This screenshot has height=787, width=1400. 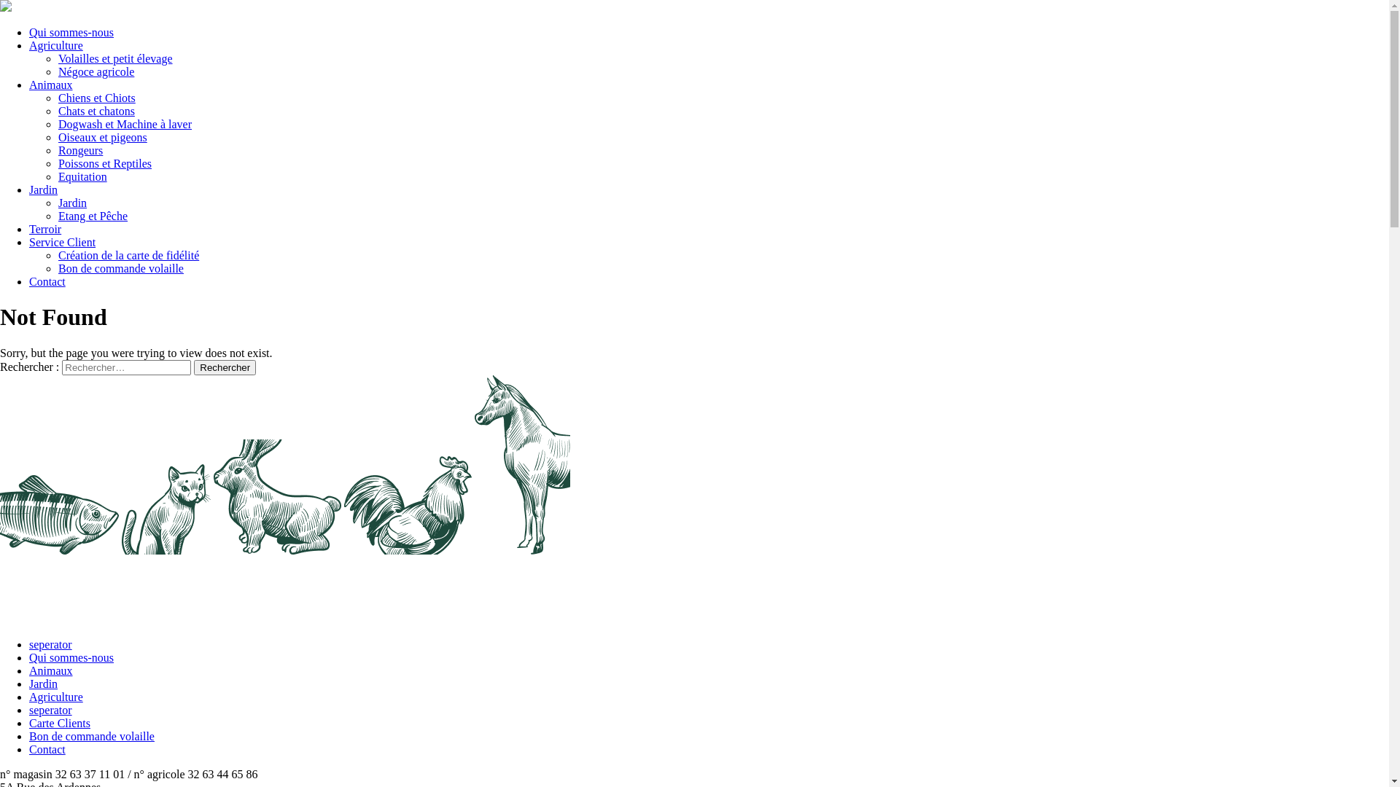 What do you see at coordinates (43, 684) in the screenshot?
I see `'Jardin'` at bounding box center [43, 684].